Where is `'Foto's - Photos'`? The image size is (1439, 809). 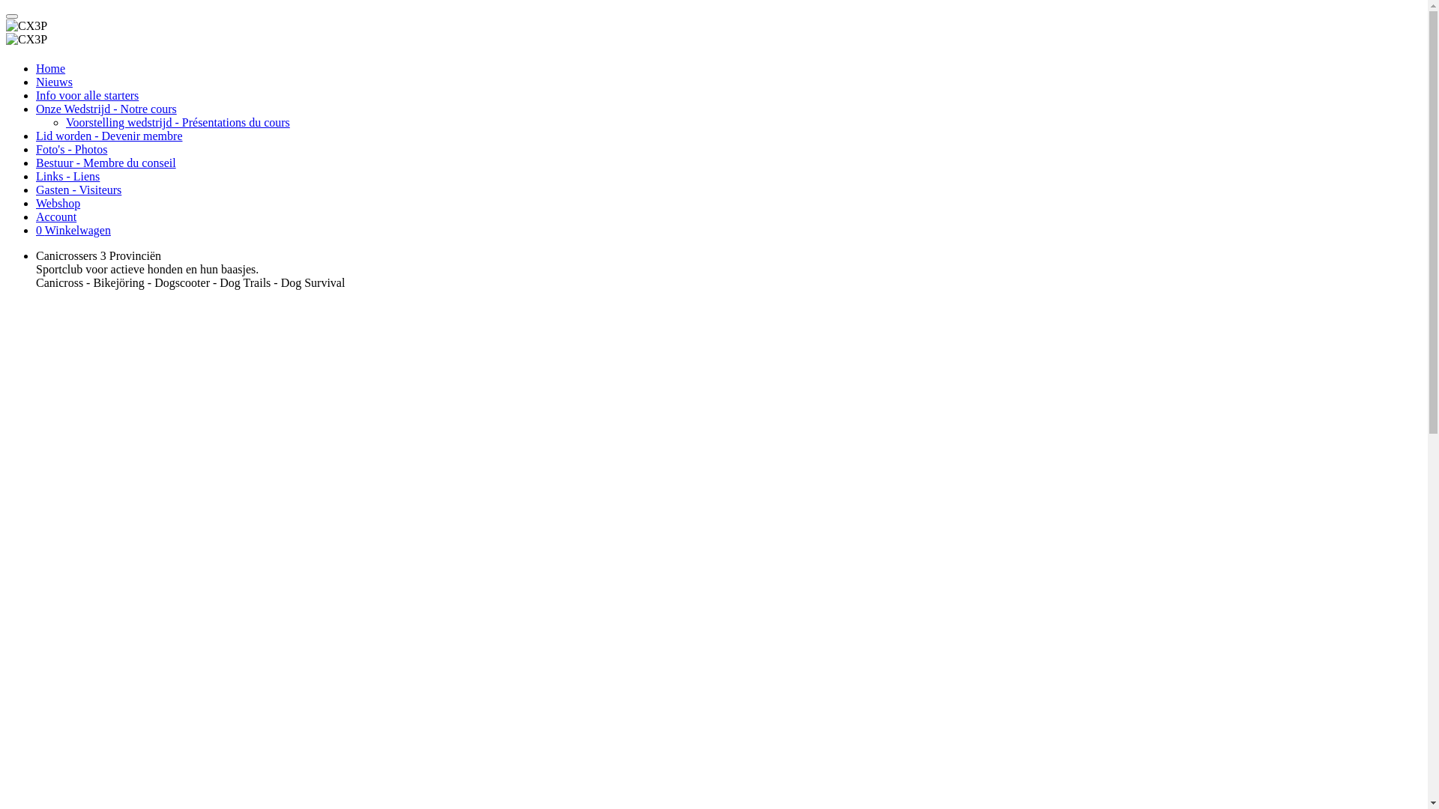
'Foto's - Photos' is located at coordinates (70, 149).